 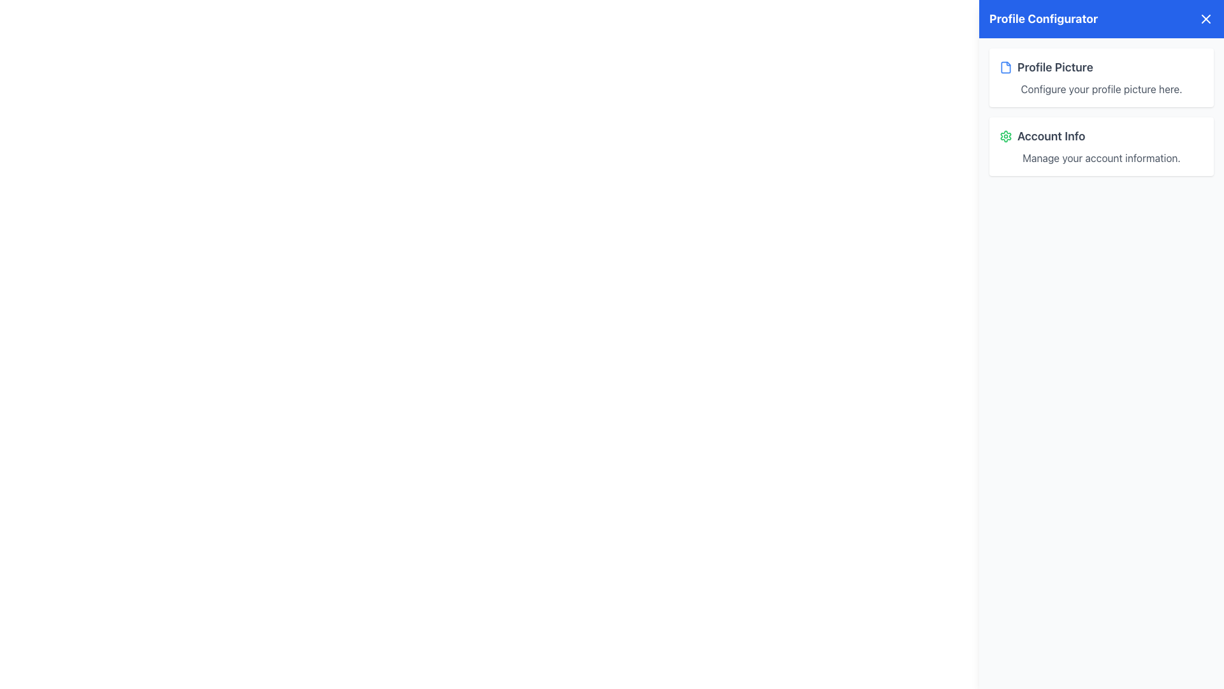 What do you see at coordinates (1044, 19) in the screenshot?
I see `text 'Profile Configurator' displayed in bold white font against a blue background in the header section of the side panel` at bounding box center [1044, 19].